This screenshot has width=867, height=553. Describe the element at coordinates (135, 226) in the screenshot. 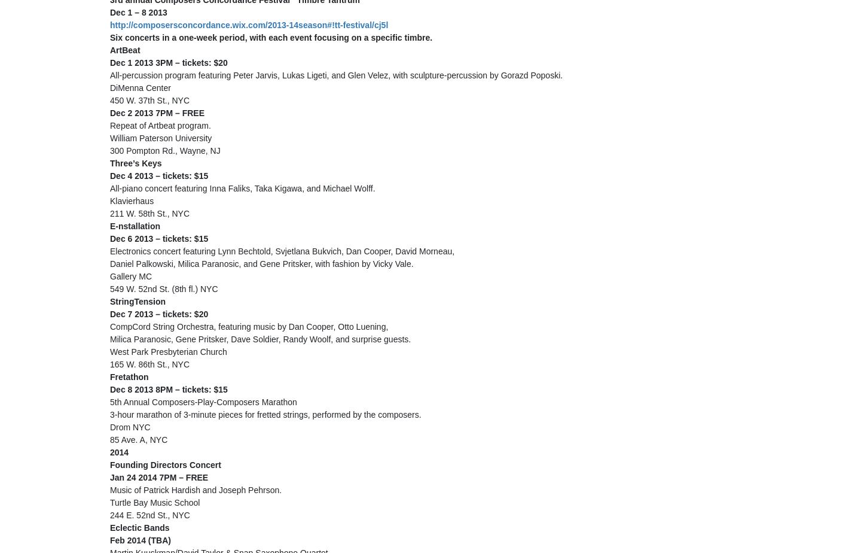

I see `'E-nstallation'` at that location.